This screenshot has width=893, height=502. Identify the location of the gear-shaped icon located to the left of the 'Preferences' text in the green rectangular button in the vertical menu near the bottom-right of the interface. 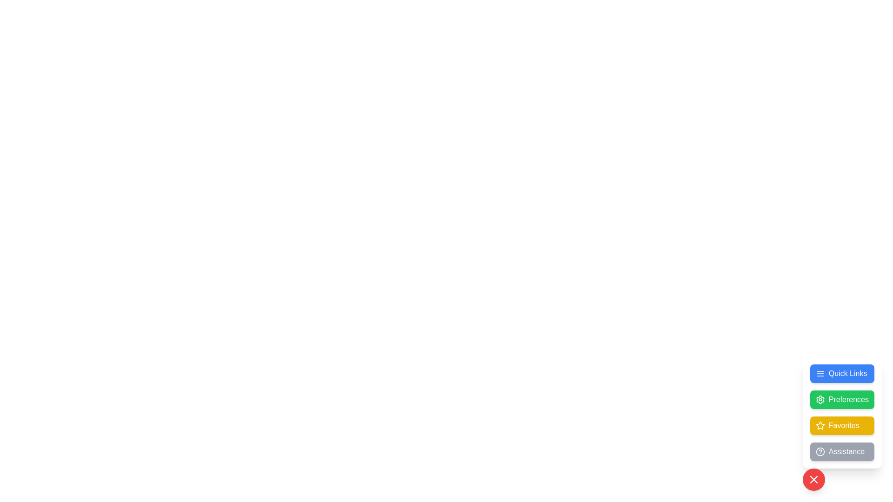
(820, 399).